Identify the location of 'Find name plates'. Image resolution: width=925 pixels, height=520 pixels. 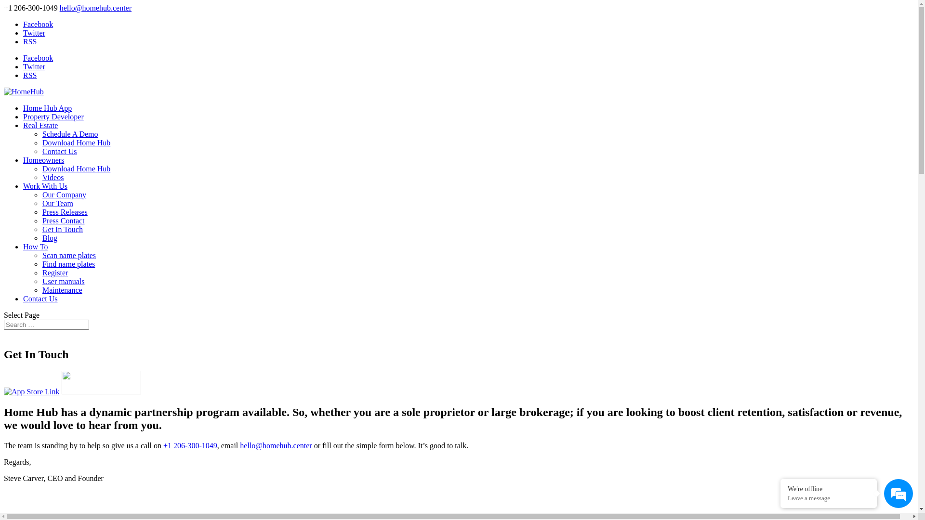
(68, 264).